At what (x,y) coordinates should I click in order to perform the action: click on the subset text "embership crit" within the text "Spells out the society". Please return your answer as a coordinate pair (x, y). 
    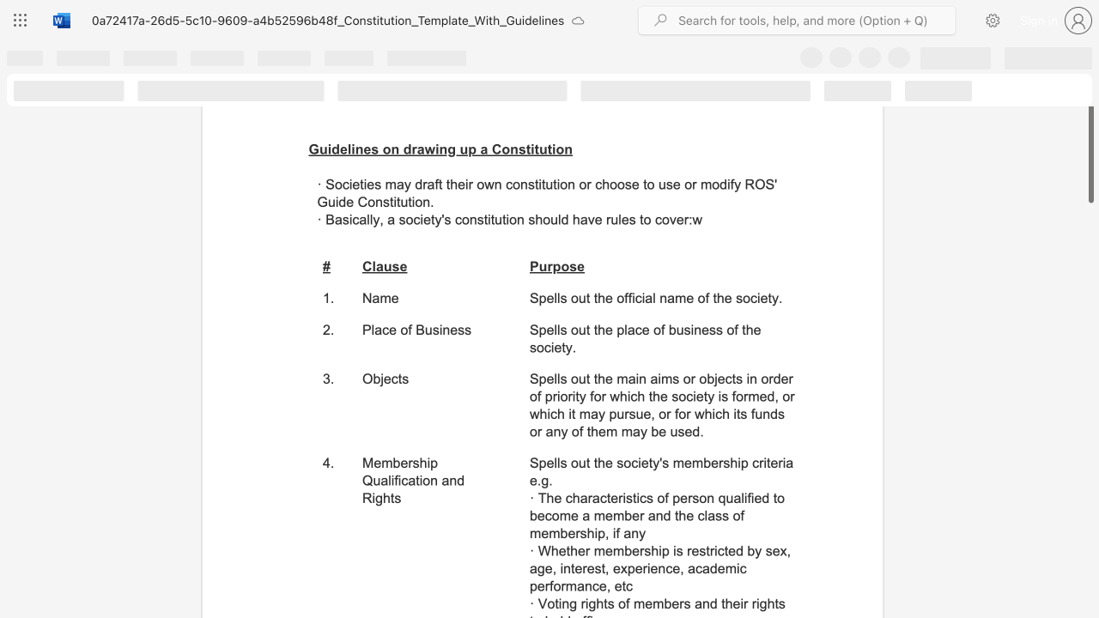
    Looking at the image, I should click on (683, 462).